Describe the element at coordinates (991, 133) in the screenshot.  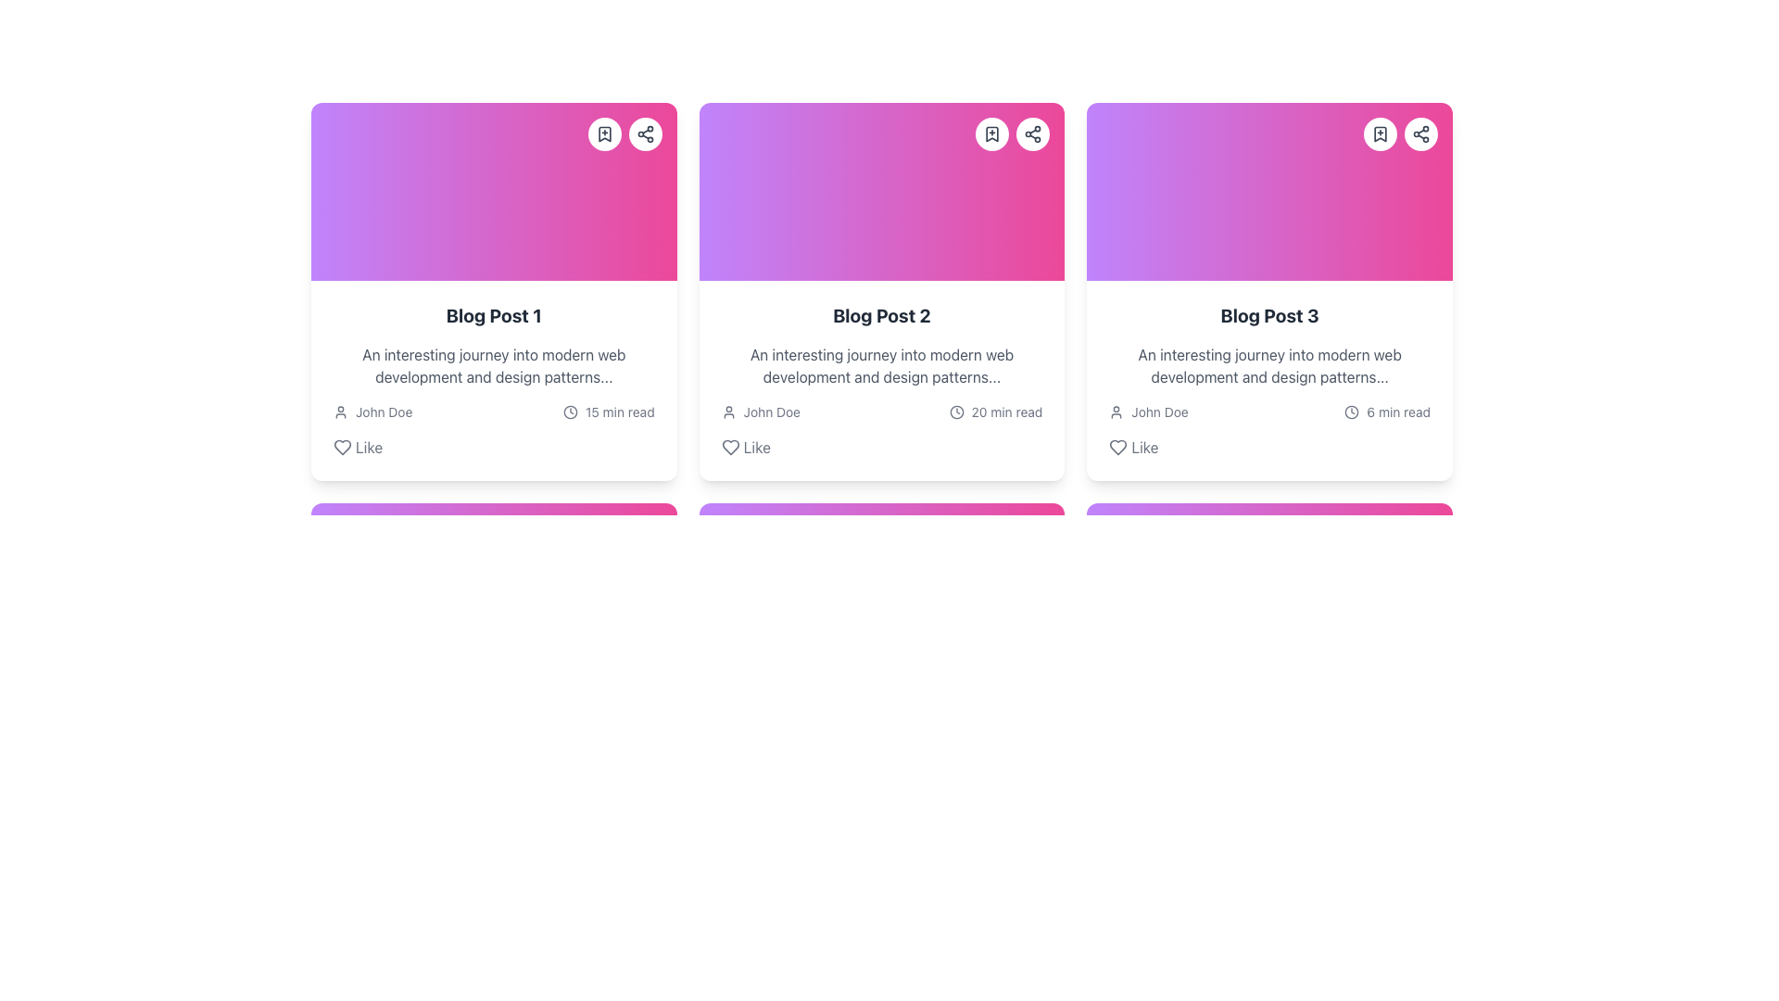
I see `the left-most circular button in the top-right corner of the second card` at that location.